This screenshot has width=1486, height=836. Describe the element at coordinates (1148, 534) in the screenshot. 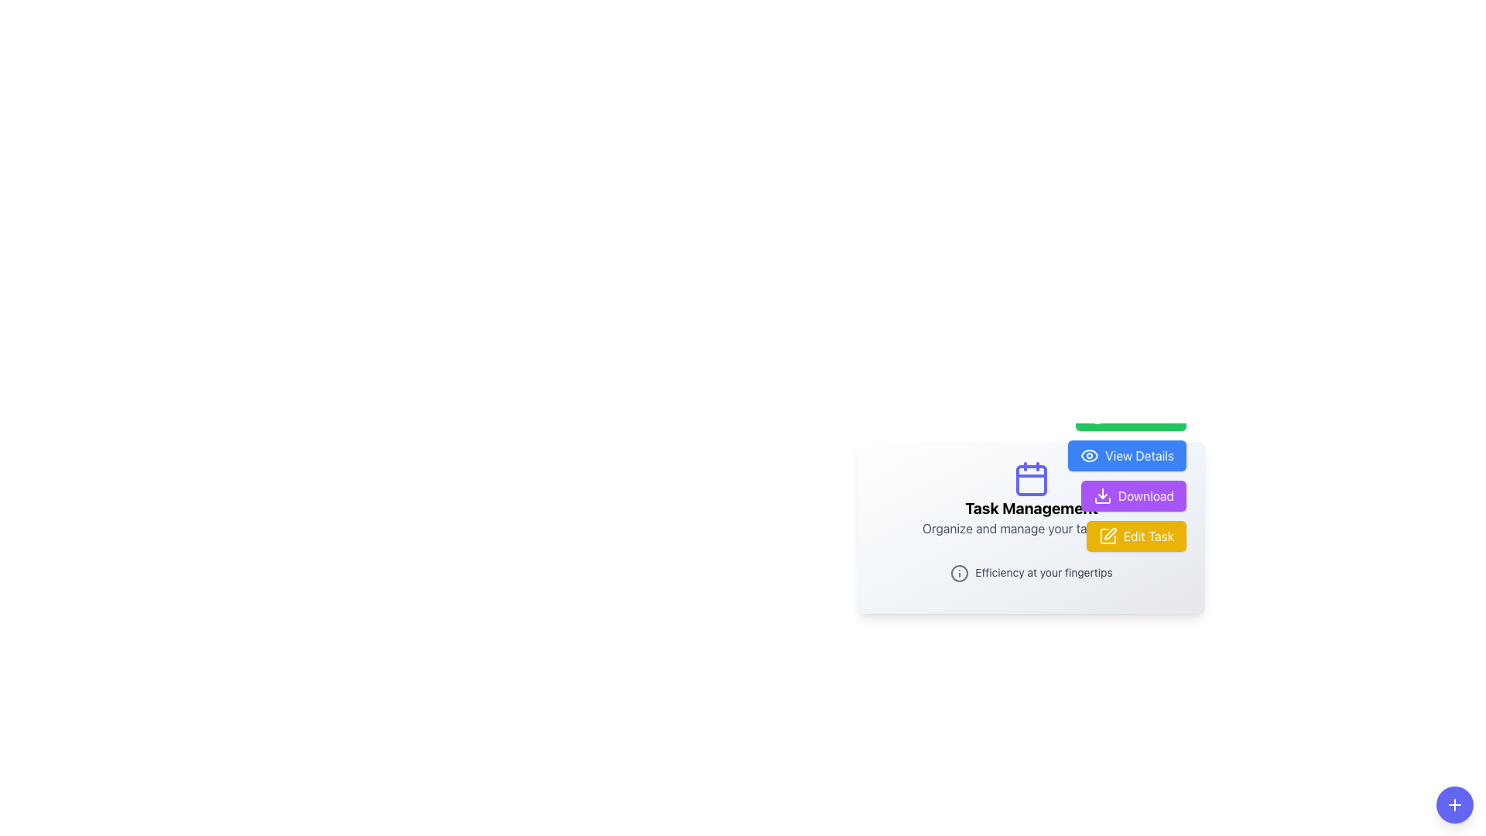

I see `the 'Edit Task' text label integrated into the button component to invoke the edit action` at that location.